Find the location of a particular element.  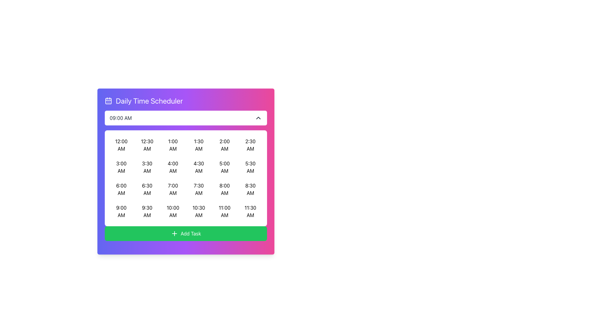

the '5:00 AM' selectable time slot button located in the second row and fifth column of the time slot grid in the 'Daily Time Scheduler' modal is located at coordinates (224, 167).